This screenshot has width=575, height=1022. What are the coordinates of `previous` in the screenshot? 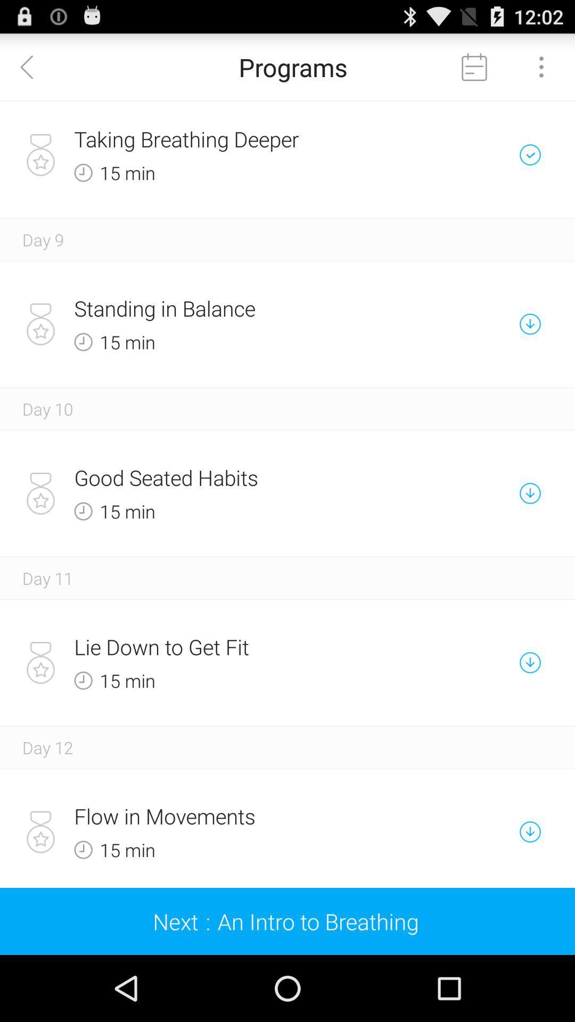 It's located at (32, 66).